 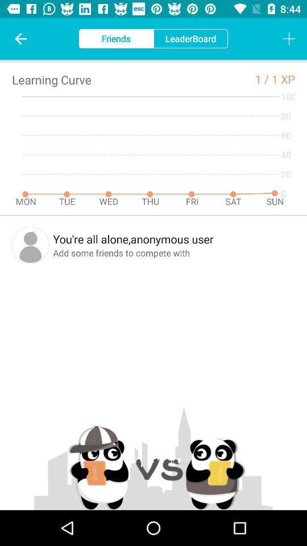 What do you see at coordinates (30, 245) in the screenshot?
I see `the icon to the left of the you re all` at bounding box center [30, 245].